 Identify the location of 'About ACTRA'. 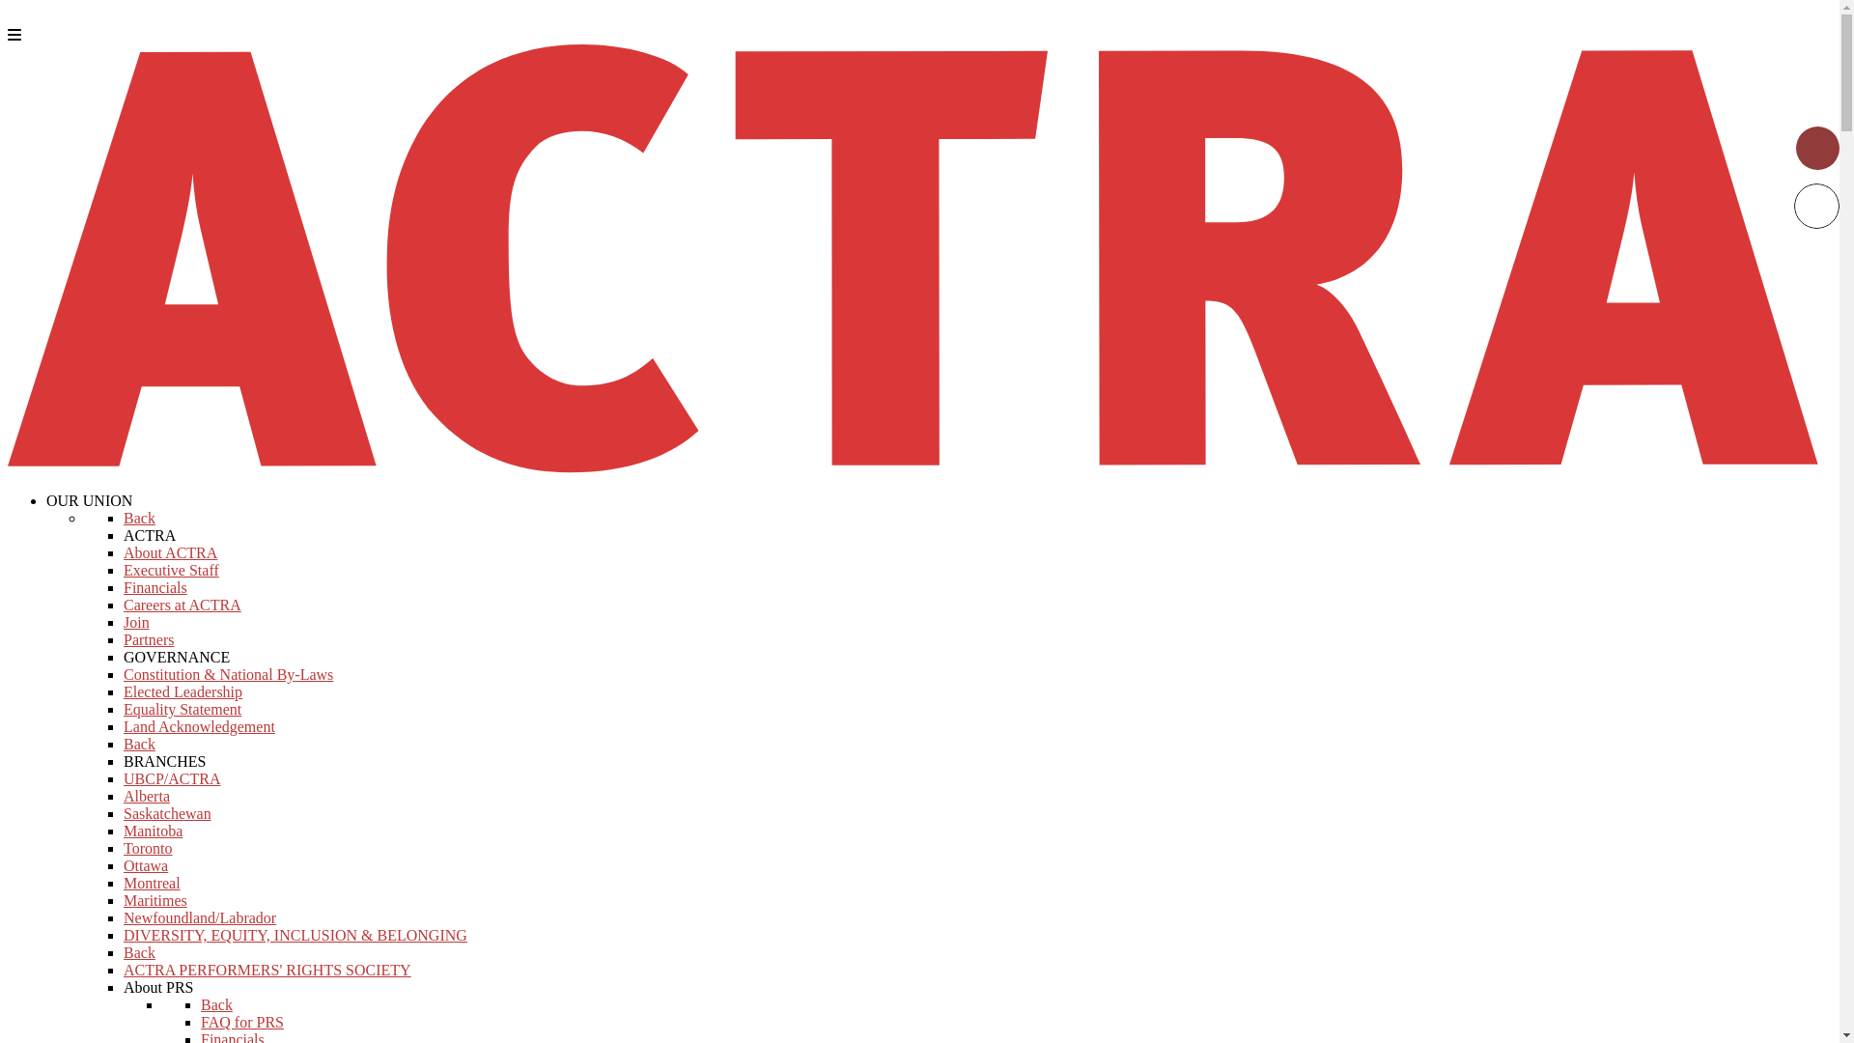
(170, 552).